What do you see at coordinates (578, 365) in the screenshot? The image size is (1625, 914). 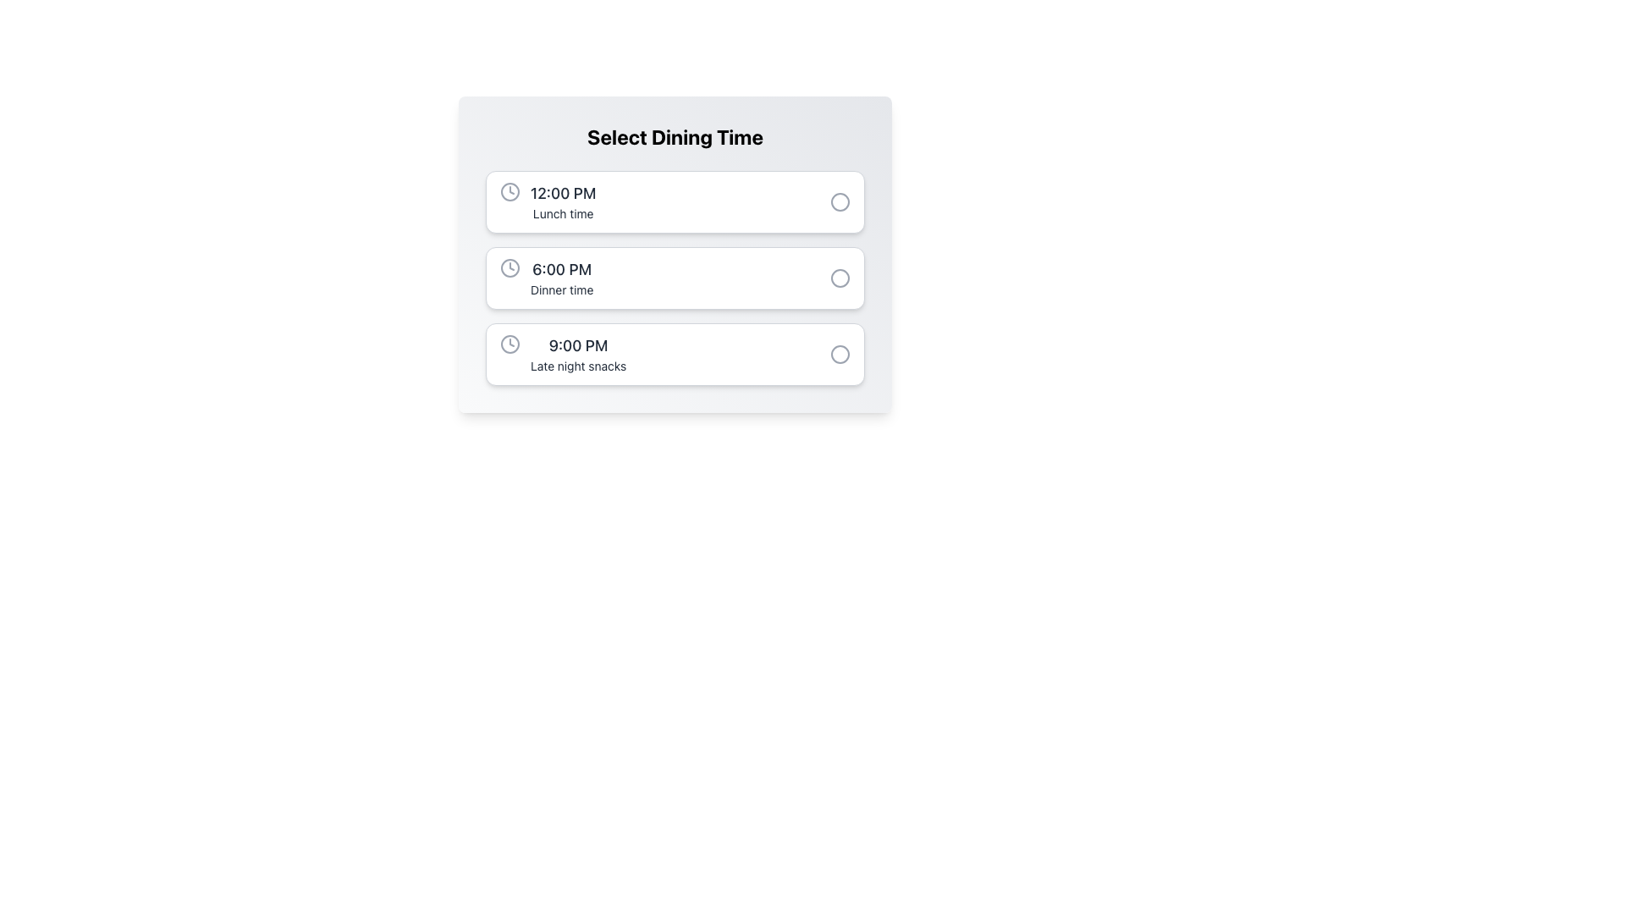 I see `the static text labeled 'Late night snacks' that provides information about the 9:00 PM time slot` at bounding box center [578, 365].